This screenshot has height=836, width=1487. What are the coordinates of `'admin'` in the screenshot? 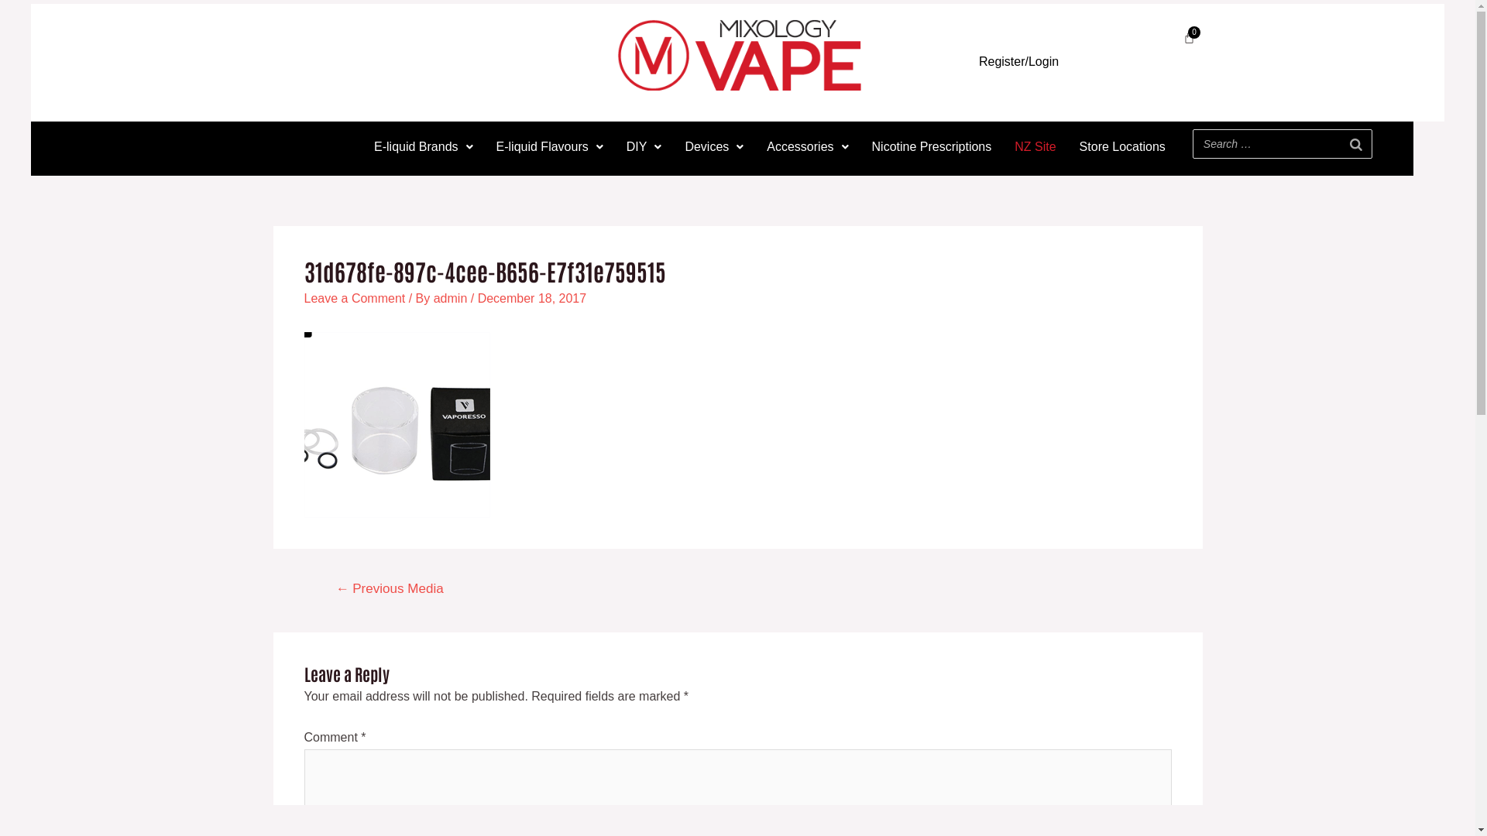 It's located at (452, 298).